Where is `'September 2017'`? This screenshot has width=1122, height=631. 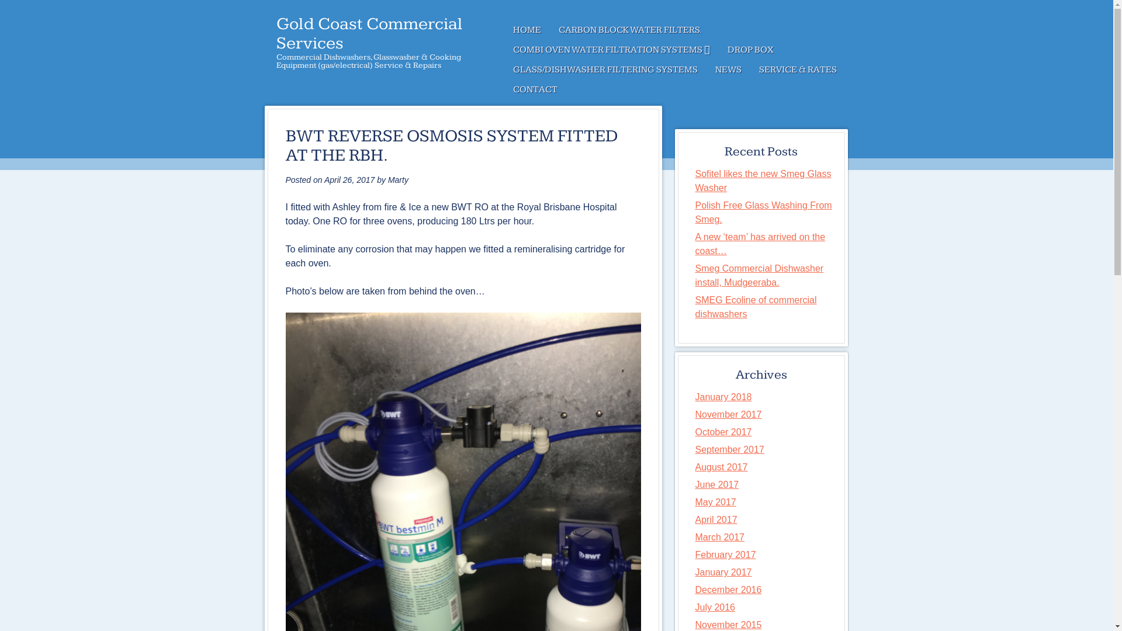
'September 2017' is located at coordinates (729, 449).